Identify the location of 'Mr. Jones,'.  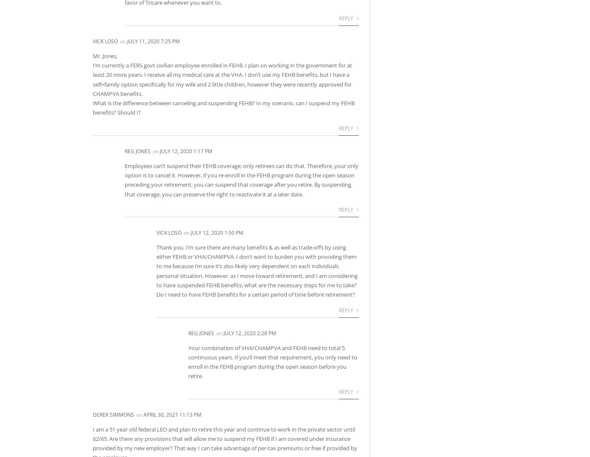
(105, 55).